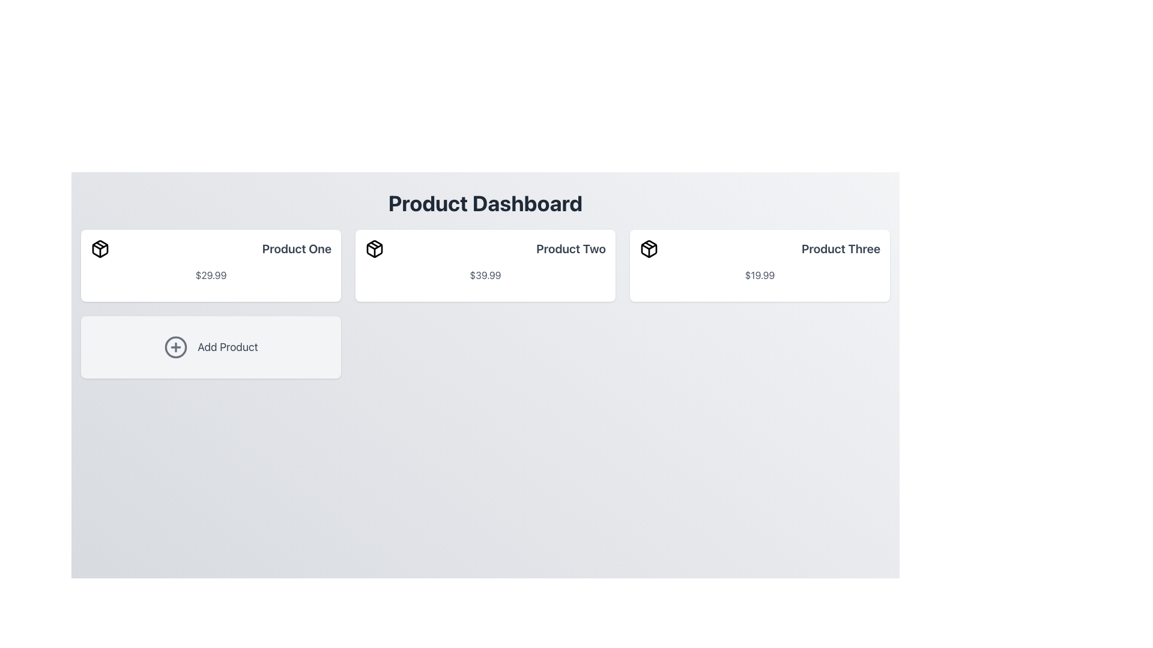 The width and height of the screenshot is (1153, 648). What do you see at coordinates (228, 347) in the screenshot?
I see `text label that displays 'Add Product' in bold, large gray font, located inside a gray rectangular box to the right of a circular plus icon` at bounding box center [228, 347].